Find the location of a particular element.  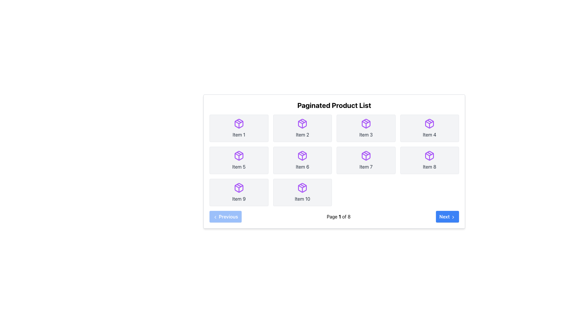

the chevron icon indicating the 'Next' action of the button located at the bottom-right corner of the interface is located at coordinates (453, 217).